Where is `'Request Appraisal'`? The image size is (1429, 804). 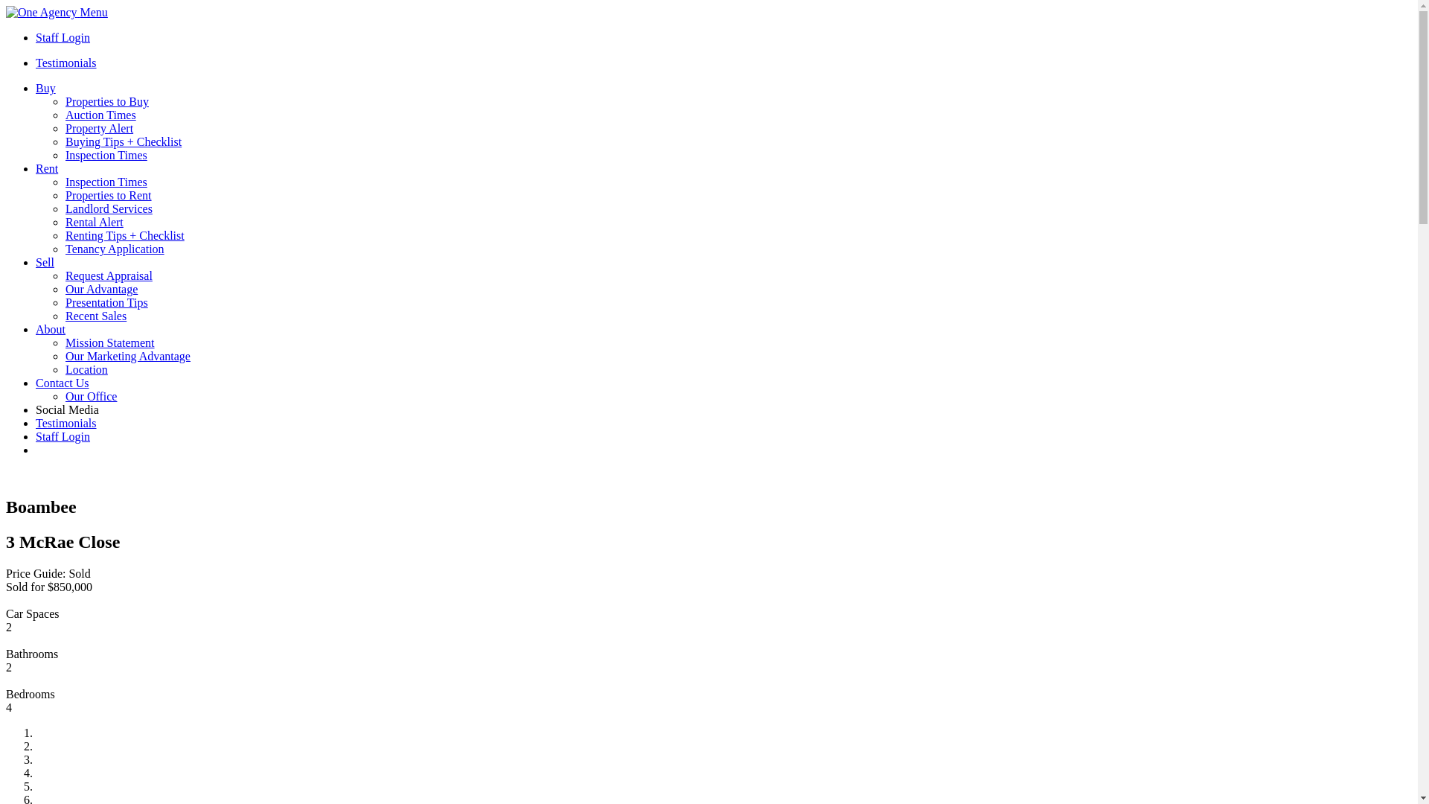 'Request Appraisal' is located at coordinates (108, 275).